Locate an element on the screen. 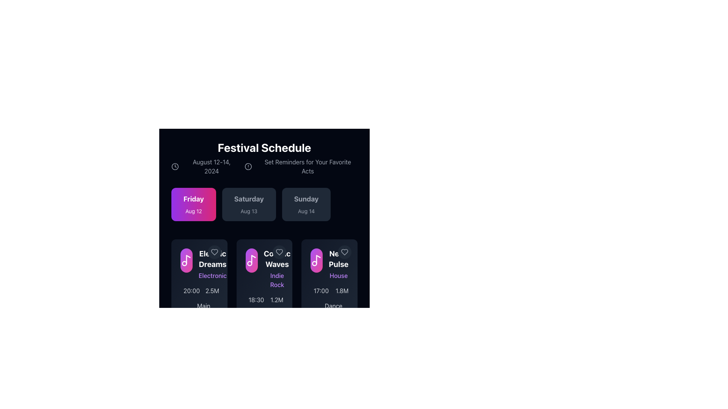 The image size is (728, 409). the musical note SVG icon located within the first item from the left in the row of schedule entries under the 'Friday, Aug 12' section of the 'Festival Schedule' interface, which is vertically aligned with the text 'Electric Dreams' is located at coordinates (186, 260).